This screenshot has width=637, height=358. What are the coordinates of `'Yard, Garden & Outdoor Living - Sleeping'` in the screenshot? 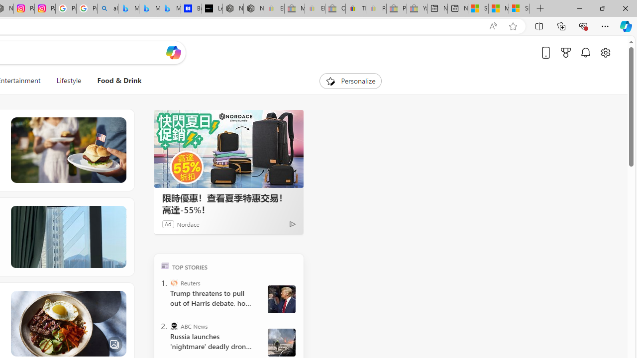 It's located at (417, 8).